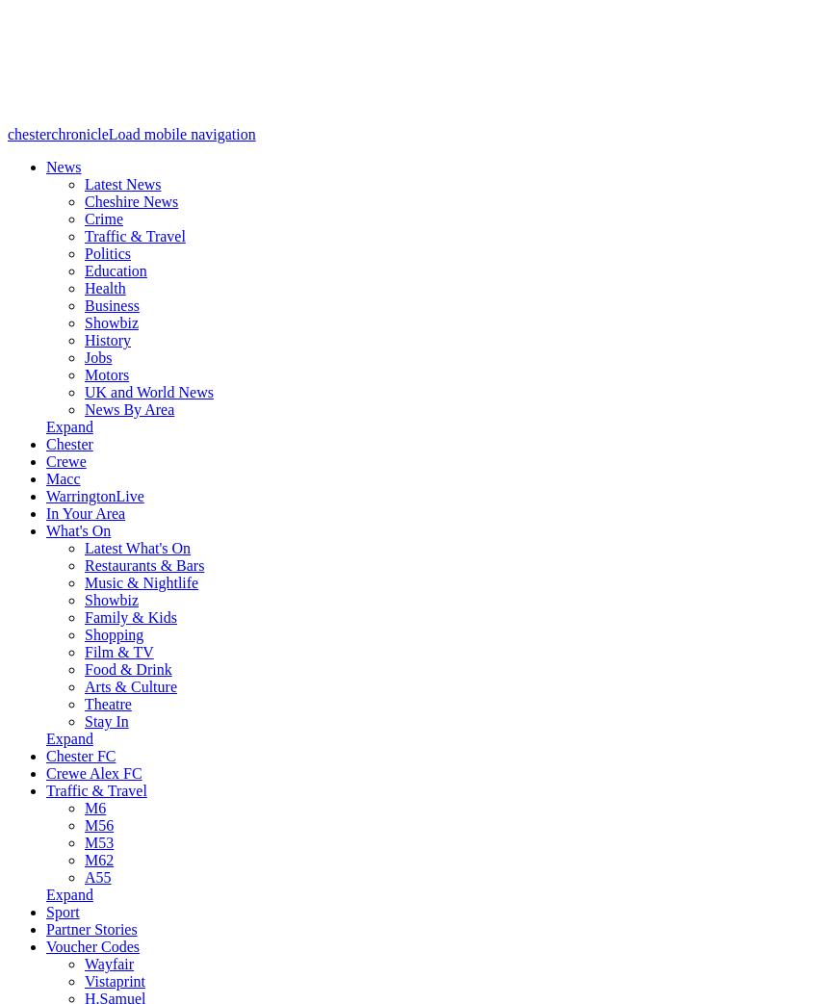  I want to click on 'Music & Nightlife', so click(140, 581).